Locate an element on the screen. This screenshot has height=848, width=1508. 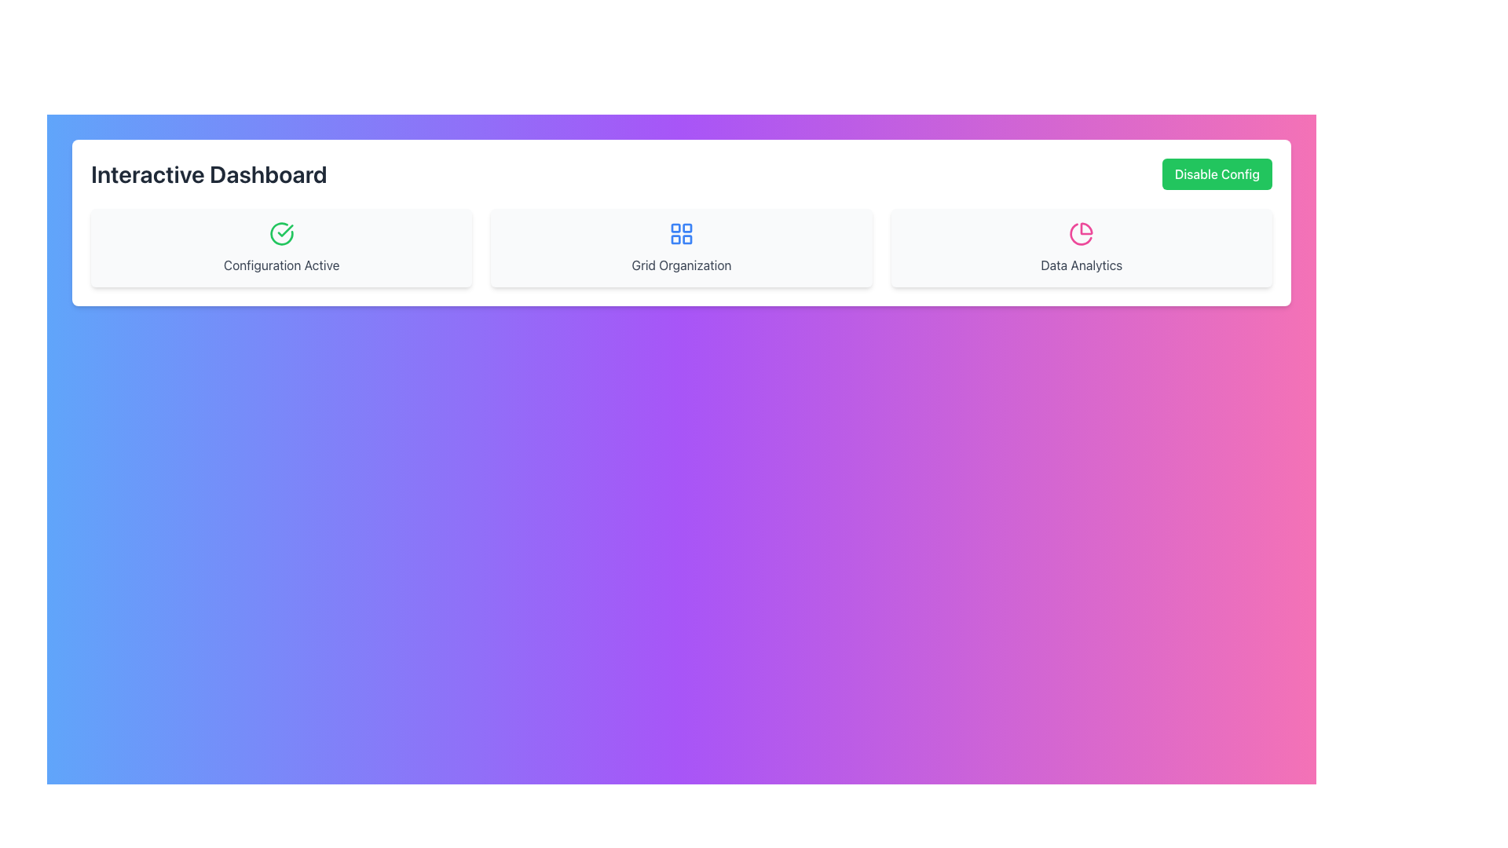
the decorative rectangle in the grid icon, which is the second square in the first row, located in the middle card section adjacent to the 'Grid Organization' label is located at coordinates (687, 228).